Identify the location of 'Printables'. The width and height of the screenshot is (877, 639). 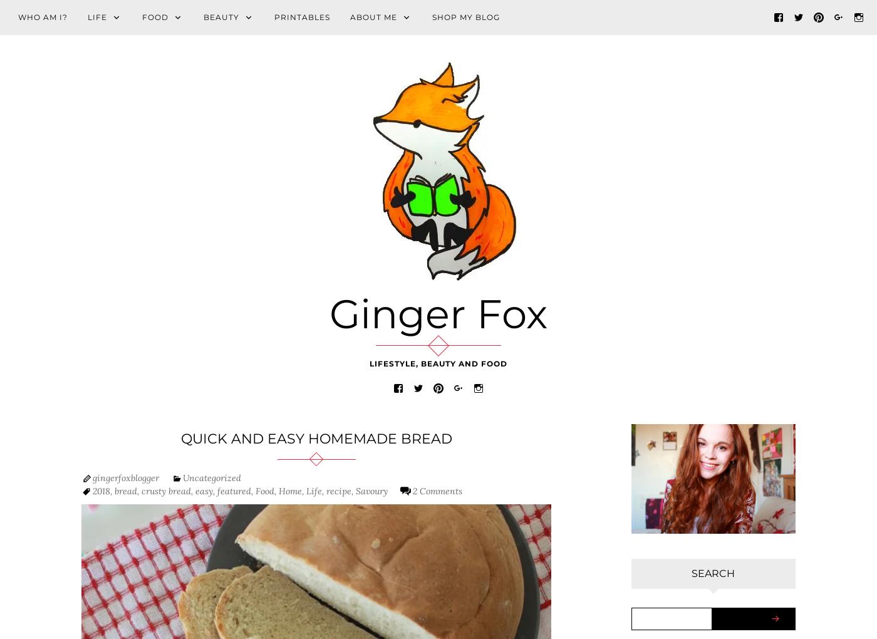
(302, 16).